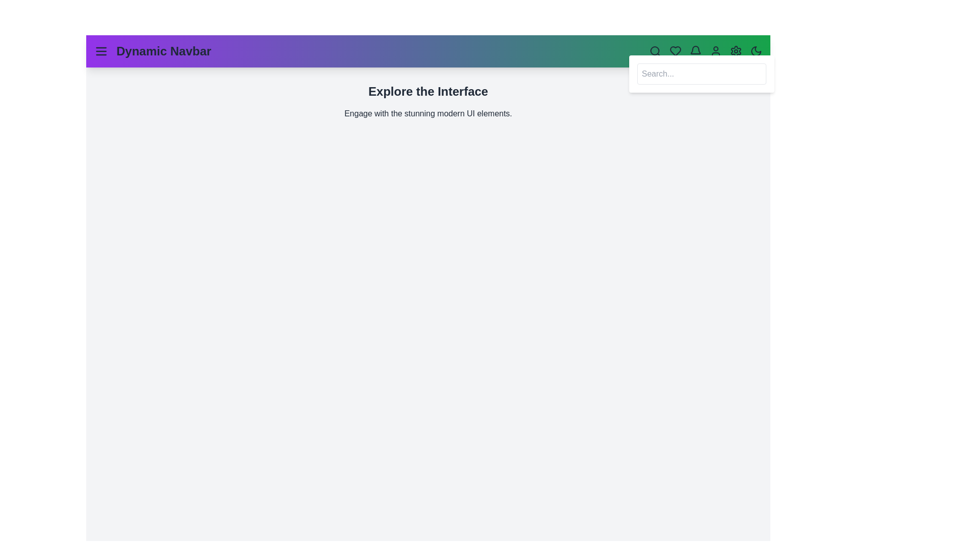 The width and height of the screenshot is (968, 544). Describe the element at coordinates (695, 51) in the screenshot. I see `the bell icon to access notifications` at that location.